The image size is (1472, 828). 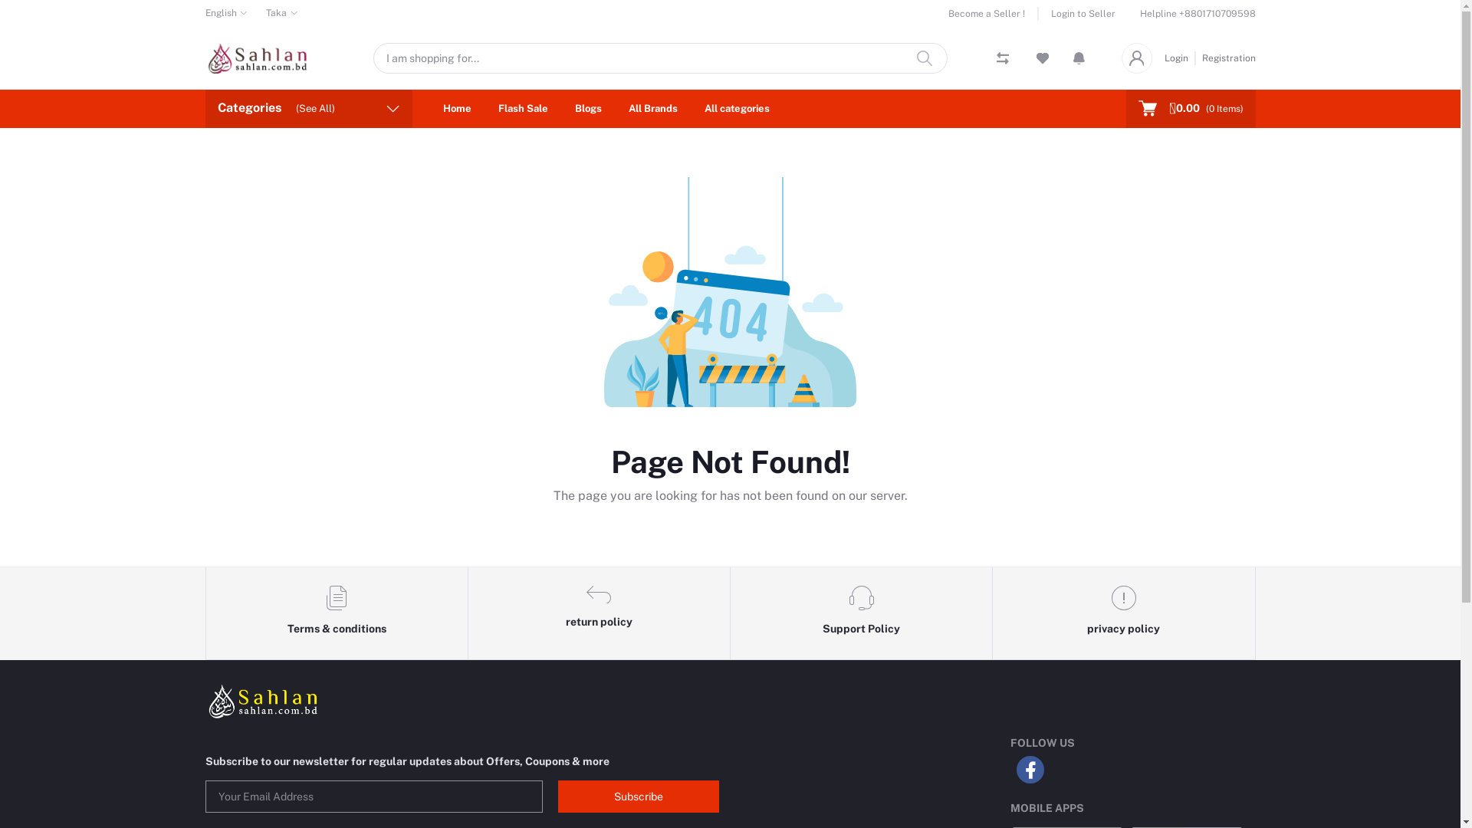 What do you see at coordinates (639, 795) in the screenshot?
I see `'Subscribe'` at bounding box center [639, 795].